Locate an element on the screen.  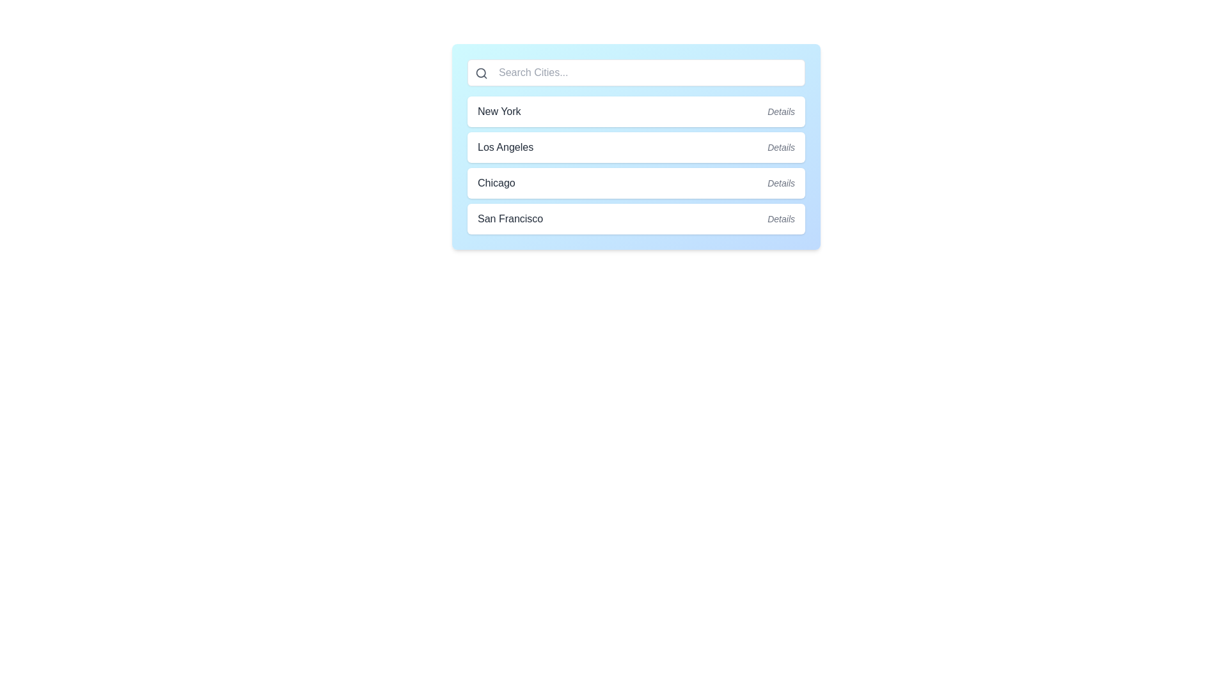
the third list item that represents 'Chicago' to activate its details is located at coordinates (636, 183).